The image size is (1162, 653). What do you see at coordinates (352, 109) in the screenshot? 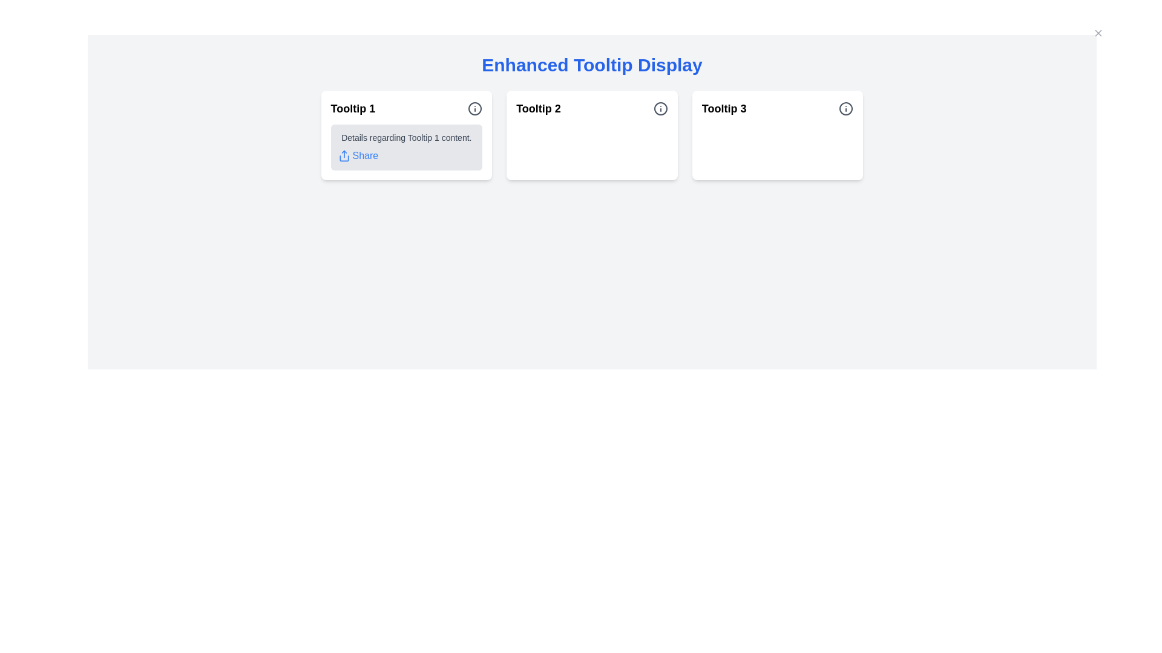
I see `the Text Label located at the top-left of the first card in the layout` at bounding box center [352, 109].